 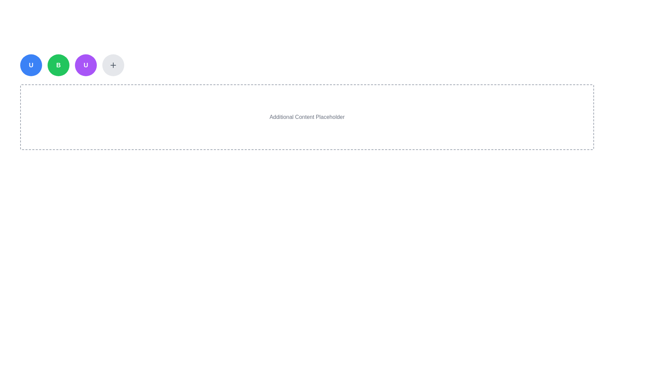 What do you see at coordinates (59, 65) in the screenshot?
I see `the Avatar Indicator for 'BBaki Ani', which is the second circular icon in a row, positioned between a blue icon with 'U' and a purple icon with 'U'` at bounding box center [59, 65].